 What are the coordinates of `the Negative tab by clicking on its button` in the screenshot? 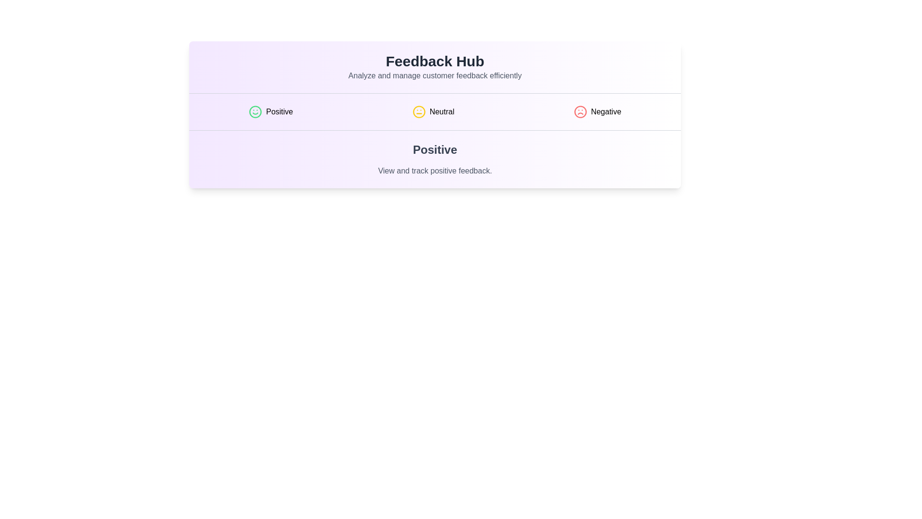 It's located at (597, 111).